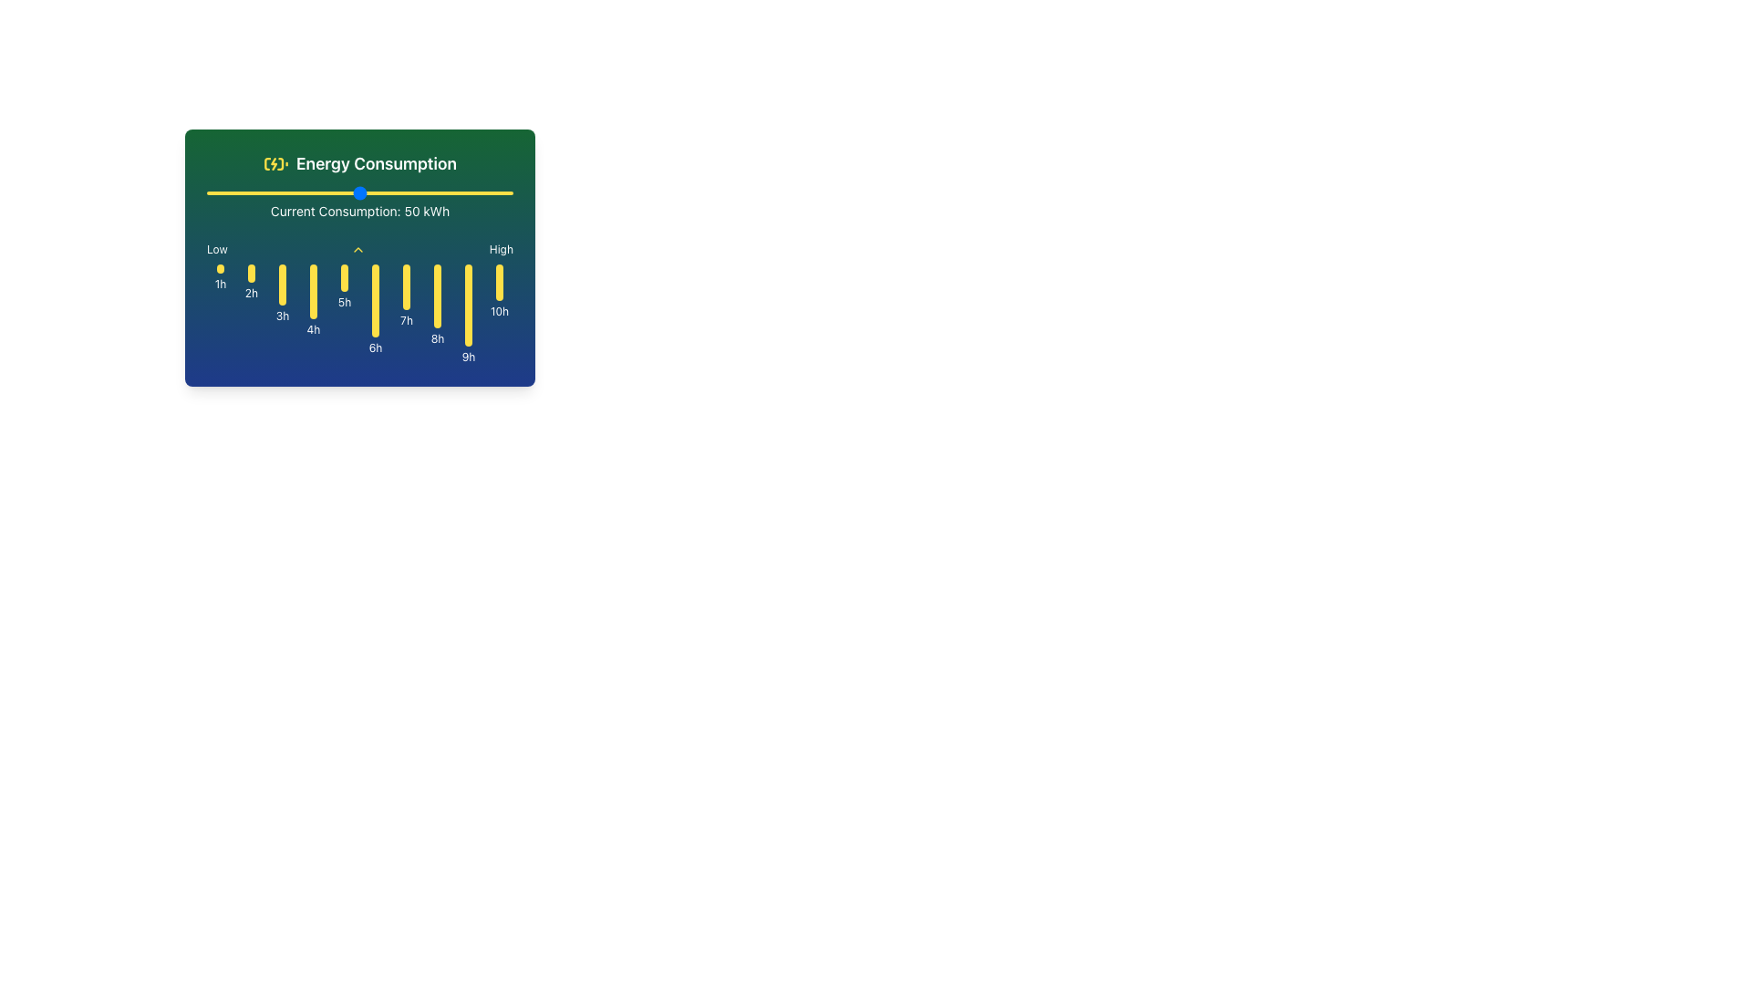 The width and height of the screenshot is (1751, 985). Describe the element at coordinates (438, 338) in the screenshot. I see `the text label displaying '8h' located below the eighth vertical yellow bar in the graphical chart` at that location.